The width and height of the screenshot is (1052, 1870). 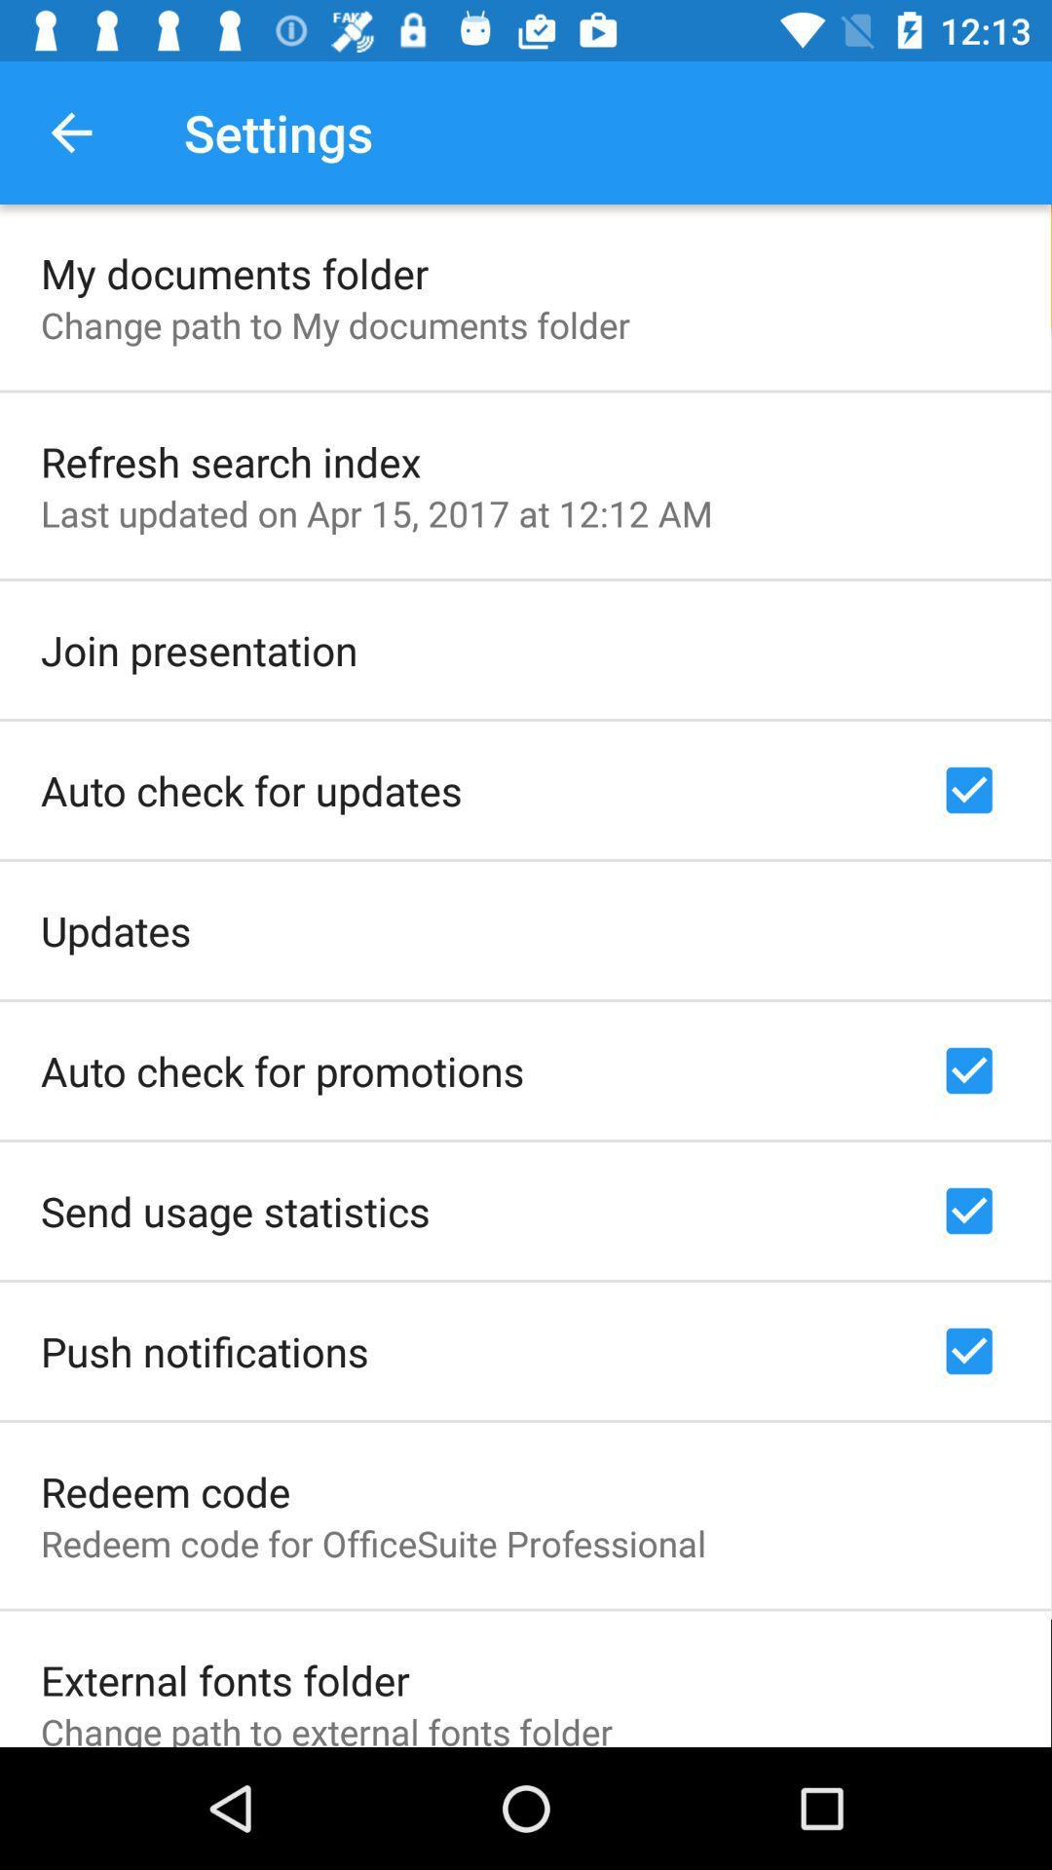 What do you see at coordinates (70, 131) in the screenshot?
I see `the item above the my documents folder icon` at bounding box center [70, 131].